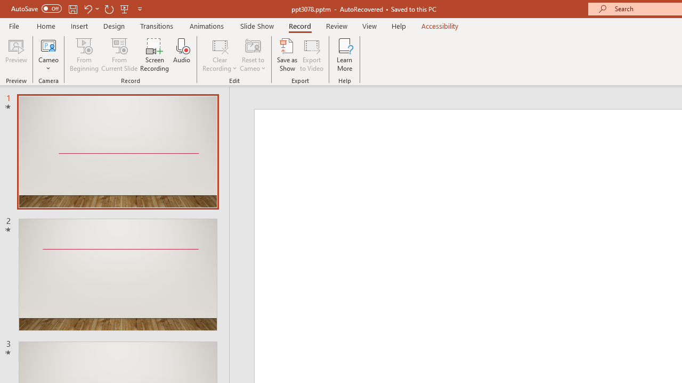 The image size is (682, 383). Describe the element at coordinates (182, 55) in the screenshot. I see `'Audio'` at that location.